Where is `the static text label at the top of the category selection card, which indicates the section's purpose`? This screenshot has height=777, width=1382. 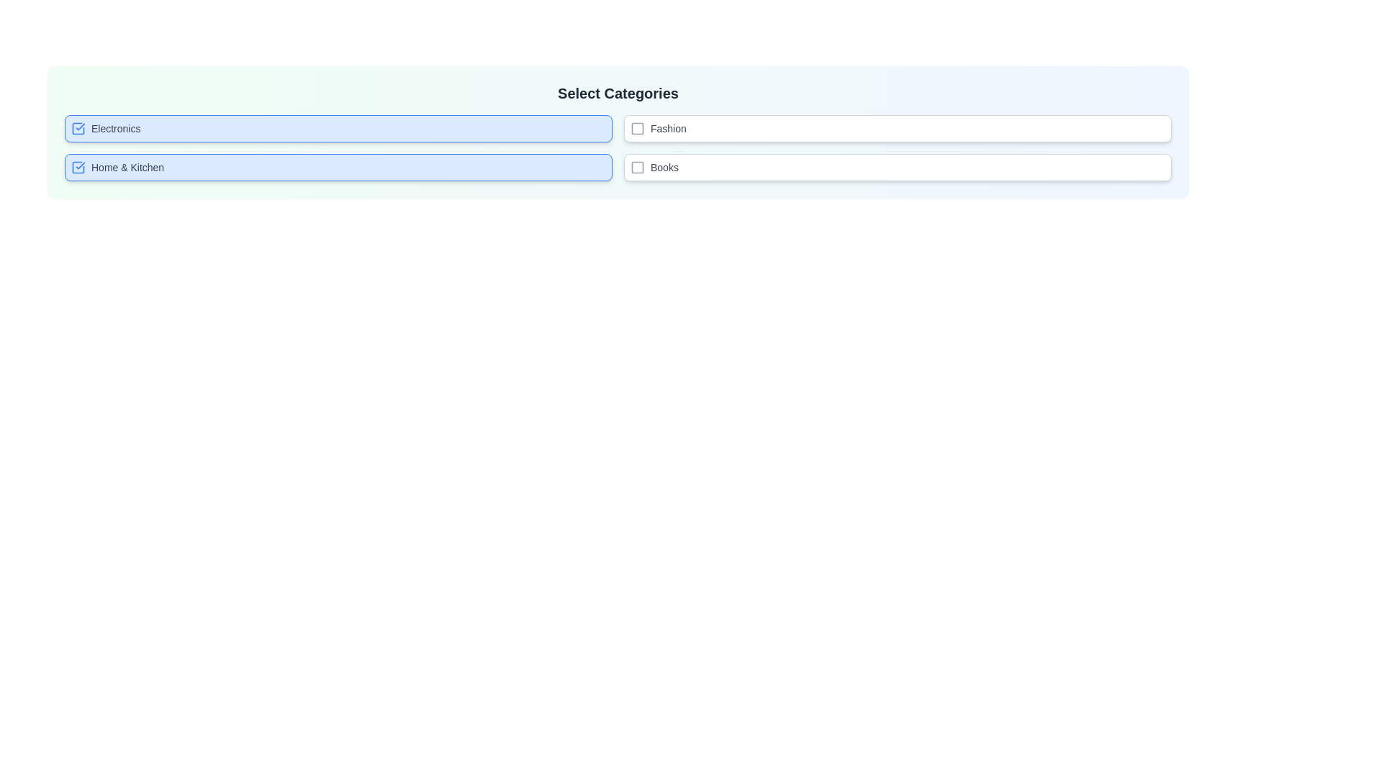
the static text label at the top of the category selection card, which indicates the section's purpose is located at coordinates (618, 94).